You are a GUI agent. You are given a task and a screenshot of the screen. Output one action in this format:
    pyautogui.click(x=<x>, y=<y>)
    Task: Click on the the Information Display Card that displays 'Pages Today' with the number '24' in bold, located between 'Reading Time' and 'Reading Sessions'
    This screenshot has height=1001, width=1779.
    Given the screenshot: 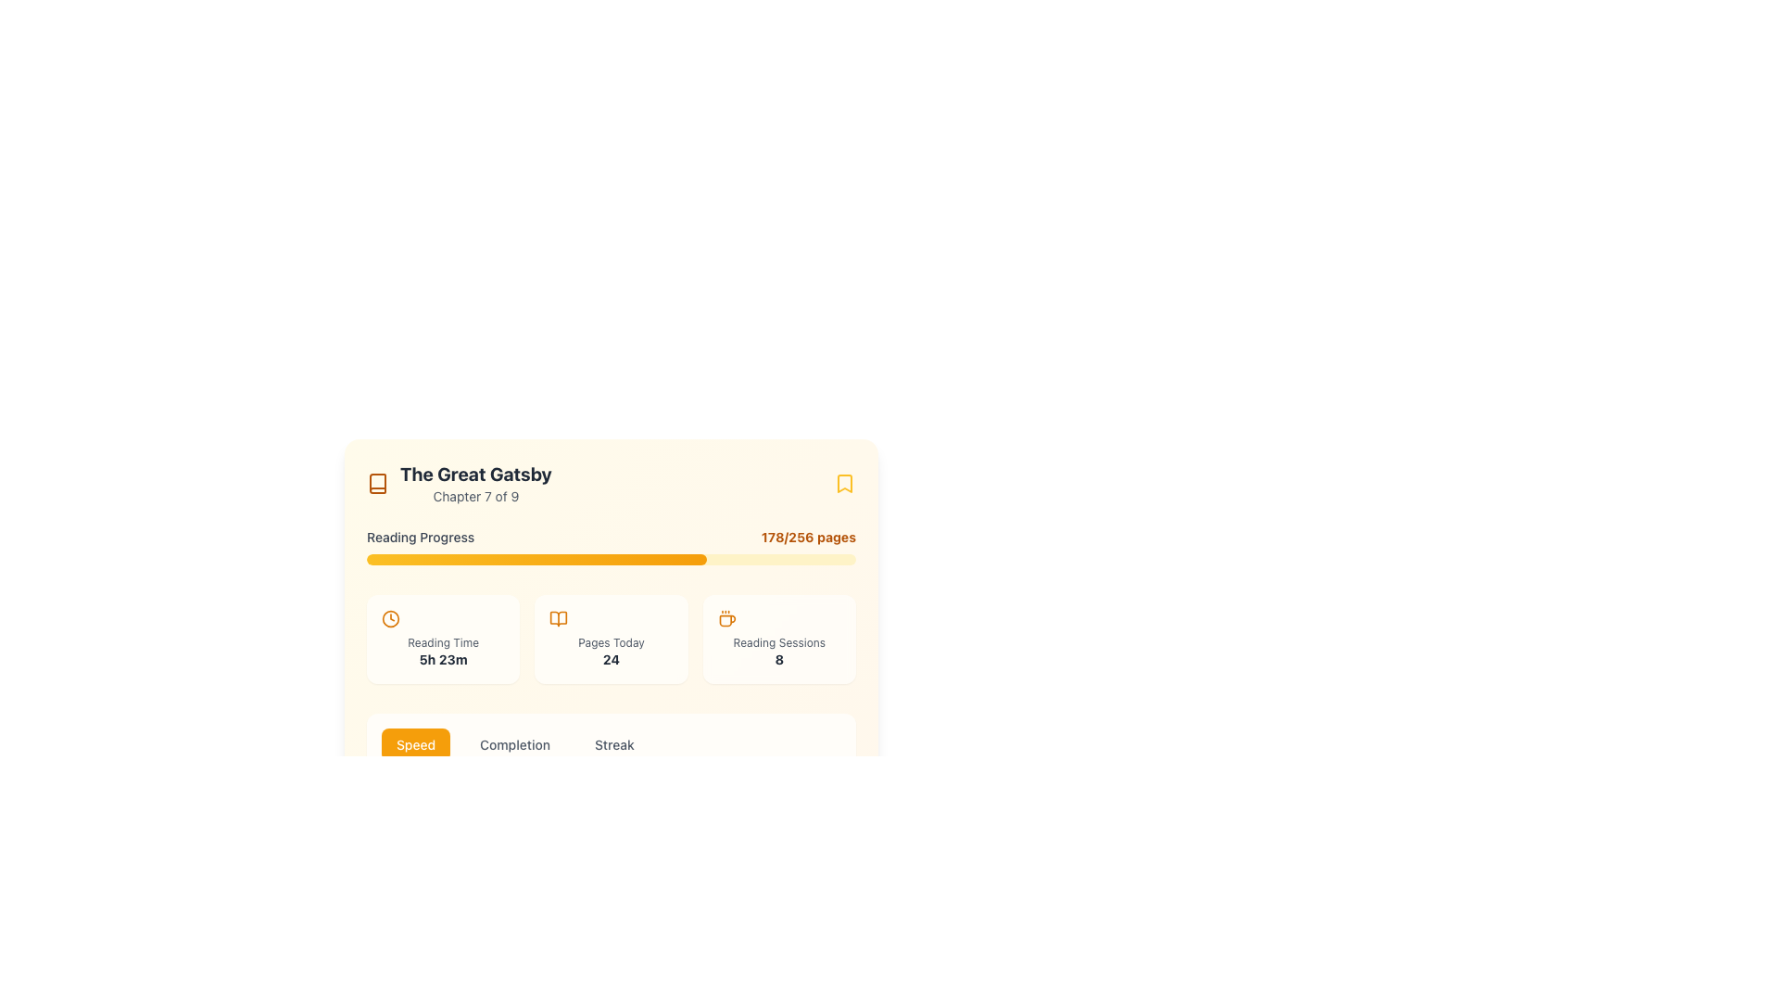 What is the action you would take?
    pyautogui.click(x=611, y=639)
    